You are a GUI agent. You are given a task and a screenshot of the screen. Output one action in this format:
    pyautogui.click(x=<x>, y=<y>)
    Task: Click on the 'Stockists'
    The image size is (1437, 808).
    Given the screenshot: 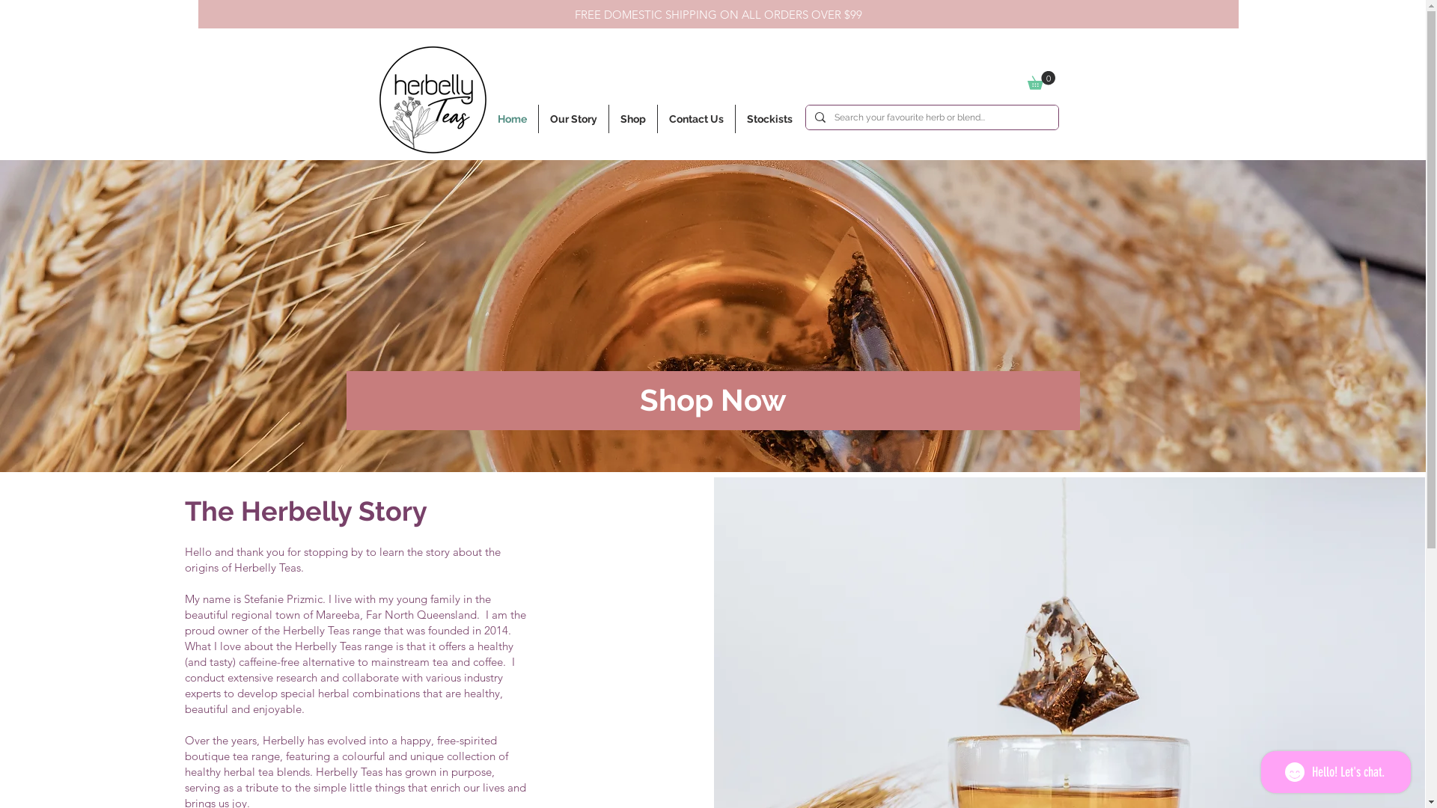 What is the action you would take?
    pyautogui.click(x=769, y=117)
    